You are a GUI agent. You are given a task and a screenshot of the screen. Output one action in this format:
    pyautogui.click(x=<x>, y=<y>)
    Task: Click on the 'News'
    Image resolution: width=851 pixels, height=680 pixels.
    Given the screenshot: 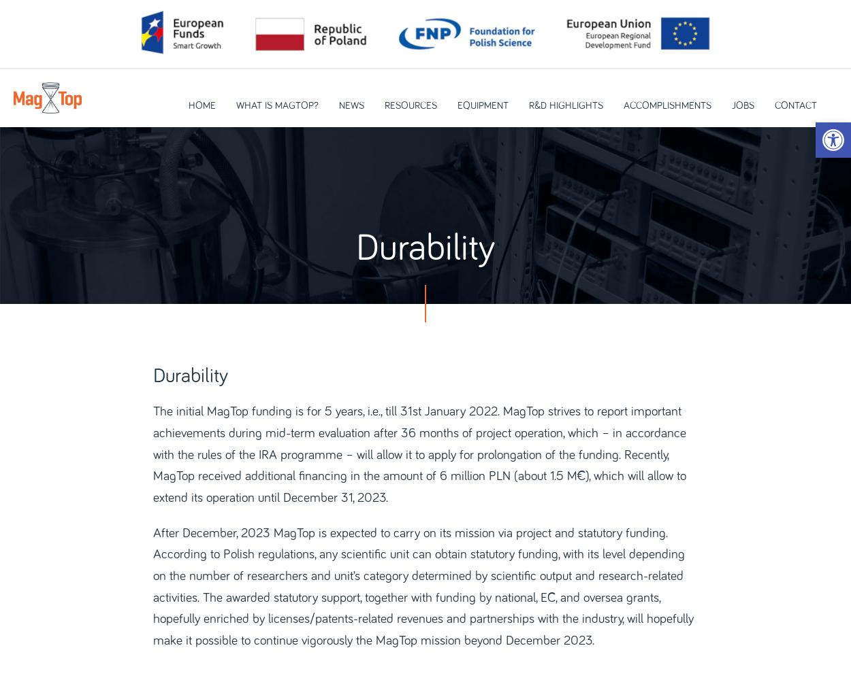 What is the action you would take?
    pyautogui.click(x=351, y=105)
    